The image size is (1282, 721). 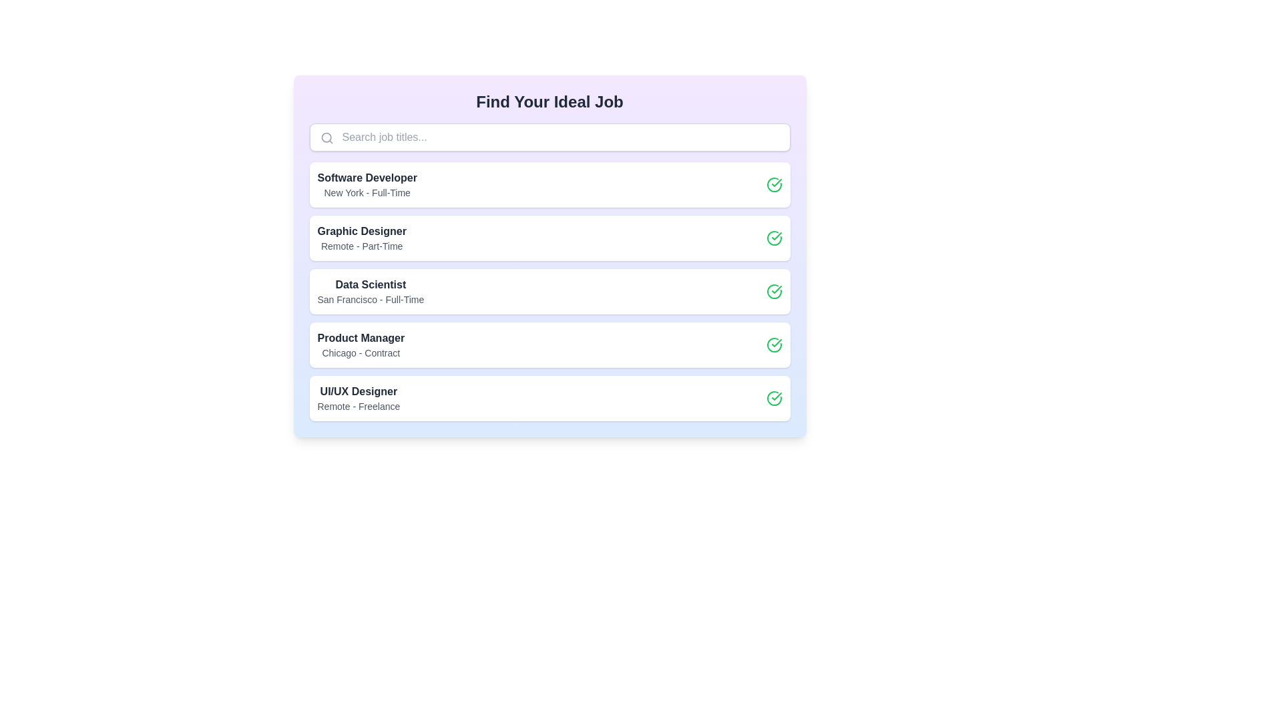 What do you see at coordinates (362, 246) in the screenshot?
I see `the text label displaying 'Remote - Part-Time', located beneath the 'Graphic Designer' text within the job listing card` at bounding box center [362, 246].